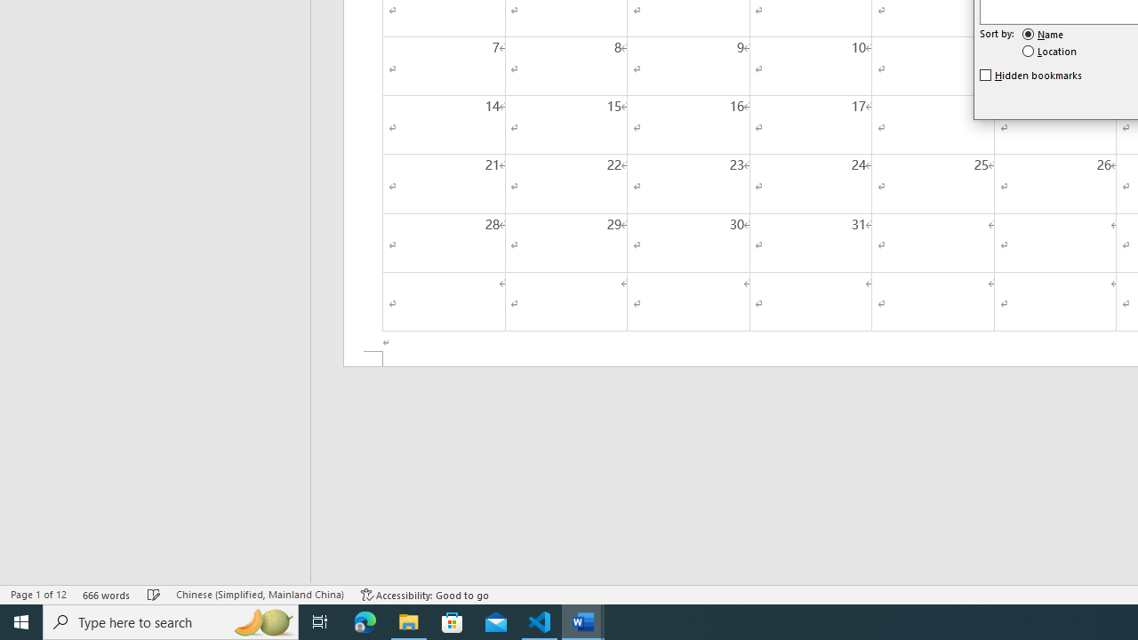  I want to click on 'Hidden bookmarks', so click(1031, 74).